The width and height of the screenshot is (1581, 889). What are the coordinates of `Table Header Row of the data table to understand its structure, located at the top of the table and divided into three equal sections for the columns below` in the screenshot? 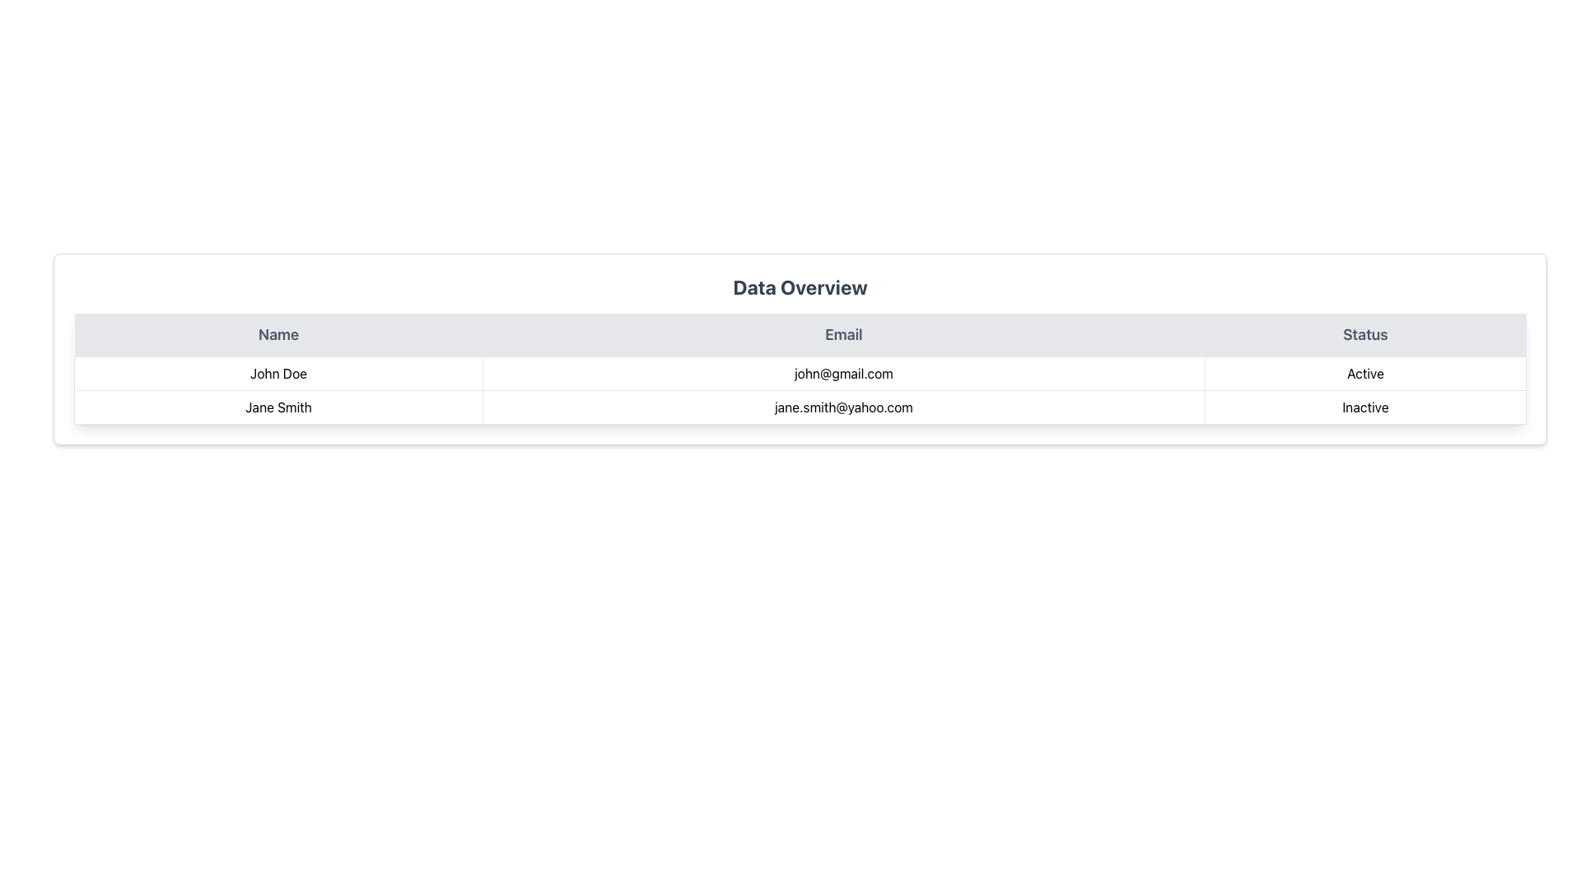 It's located at (800, 334).